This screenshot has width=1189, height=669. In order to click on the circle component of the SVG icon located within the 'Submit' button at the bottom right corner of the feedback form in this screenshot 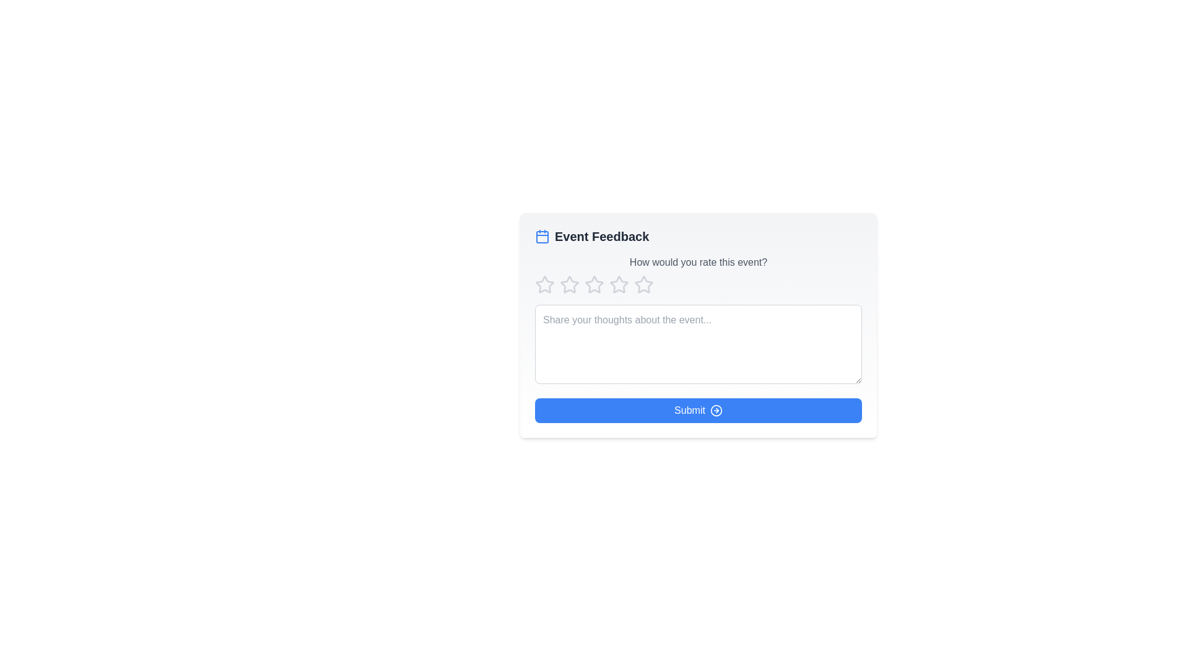, I will do `click(716, 411)`.